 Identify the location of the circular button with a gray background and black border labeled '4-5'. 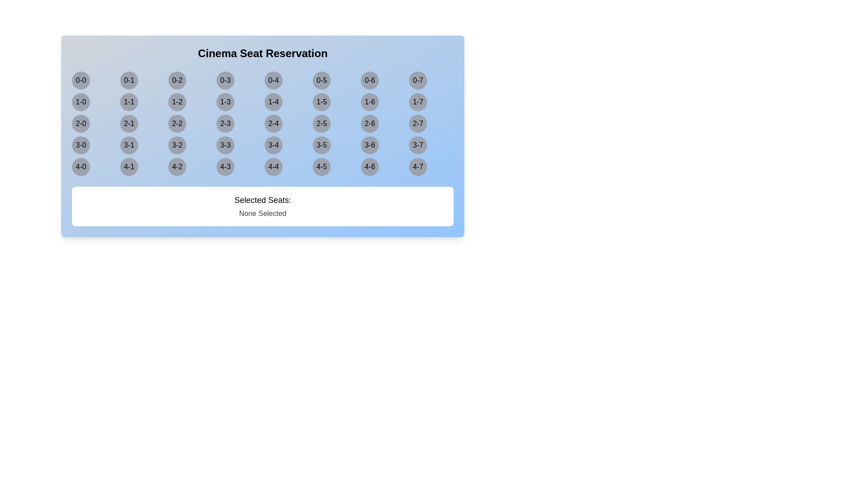
(322, 166).